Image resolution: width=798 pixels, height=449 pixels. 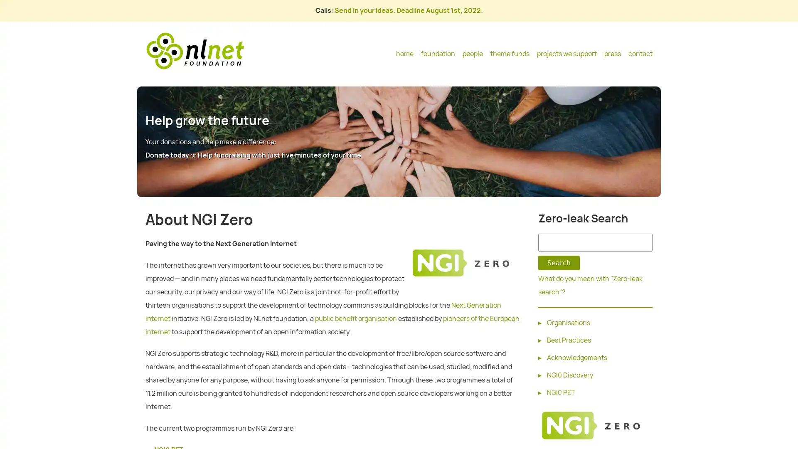 What do you see at coordinates (559, 263) in the screenshot?
I see `Search` at bounding box center [559, 263].